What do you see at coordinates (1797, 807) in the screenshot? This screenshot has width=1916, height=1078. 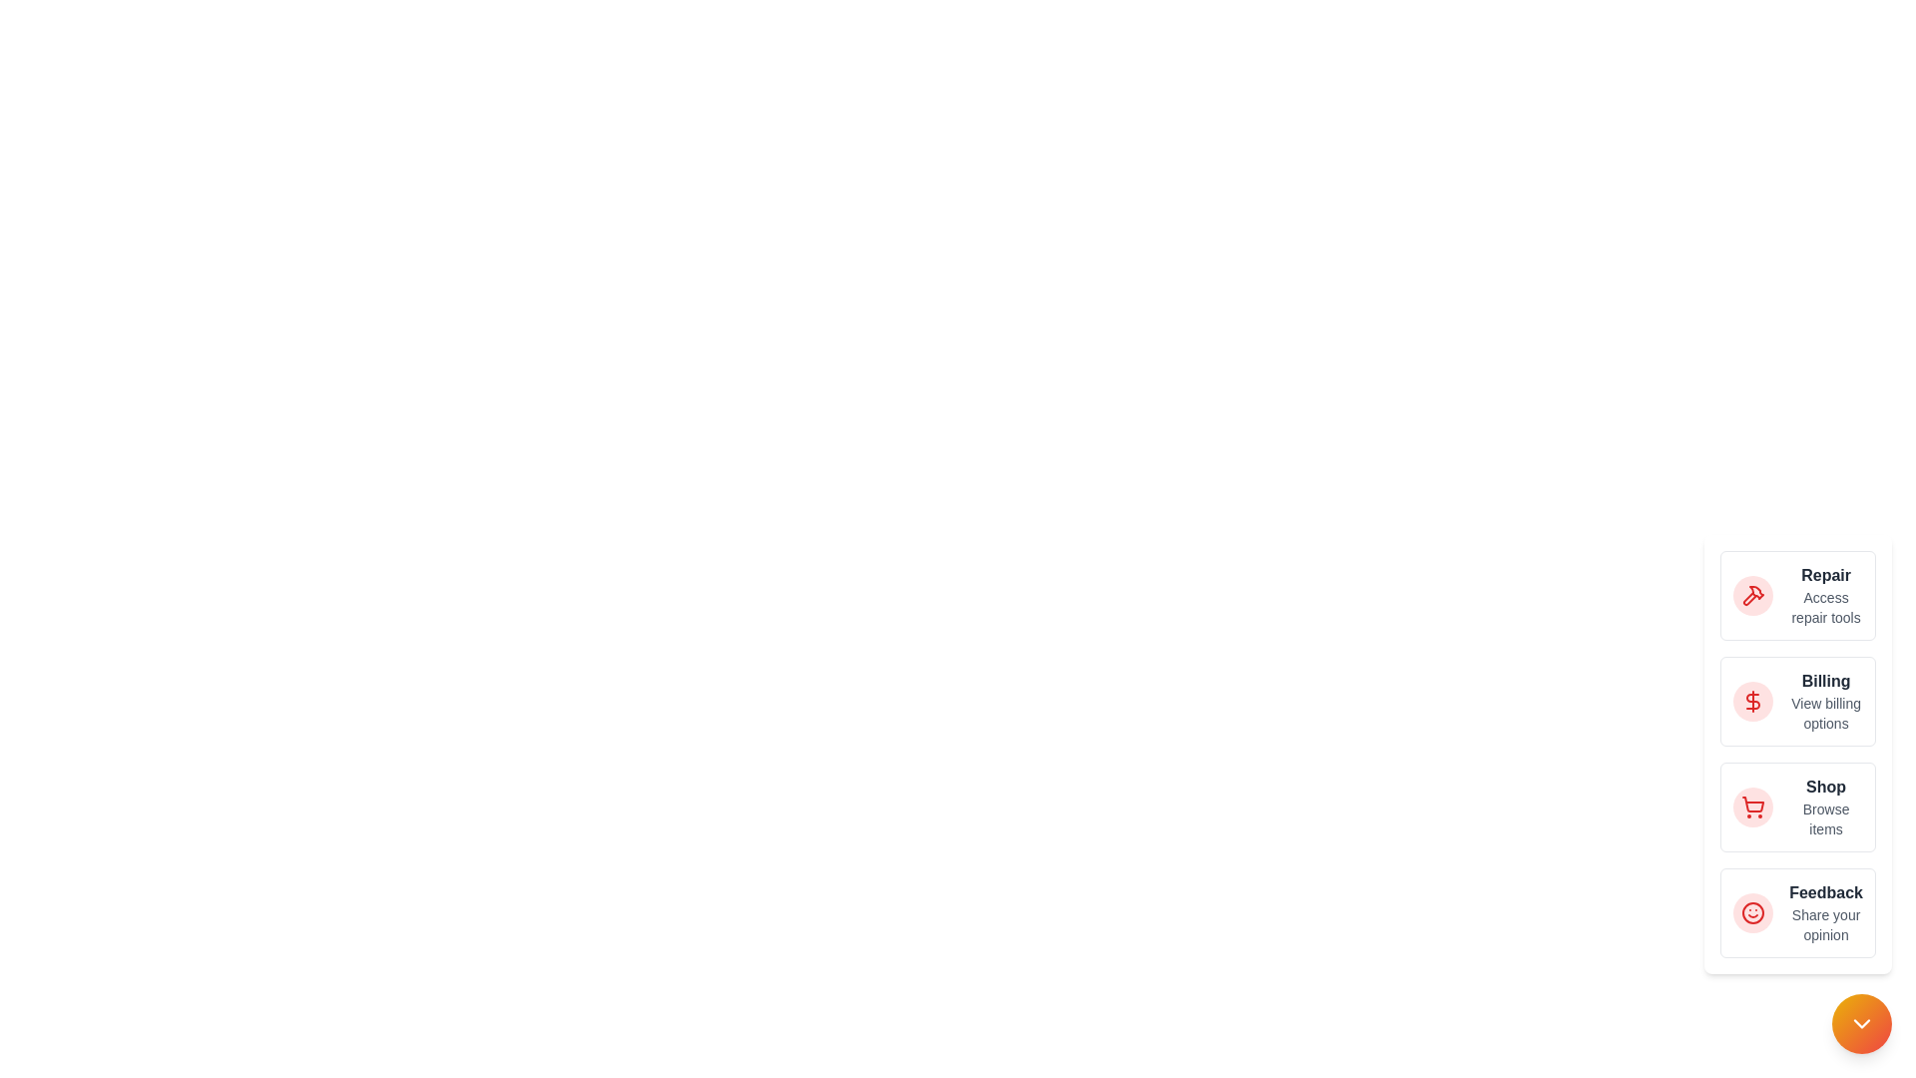 I see `the action 'Shop' from the list` at bounding box center [1797, 807].